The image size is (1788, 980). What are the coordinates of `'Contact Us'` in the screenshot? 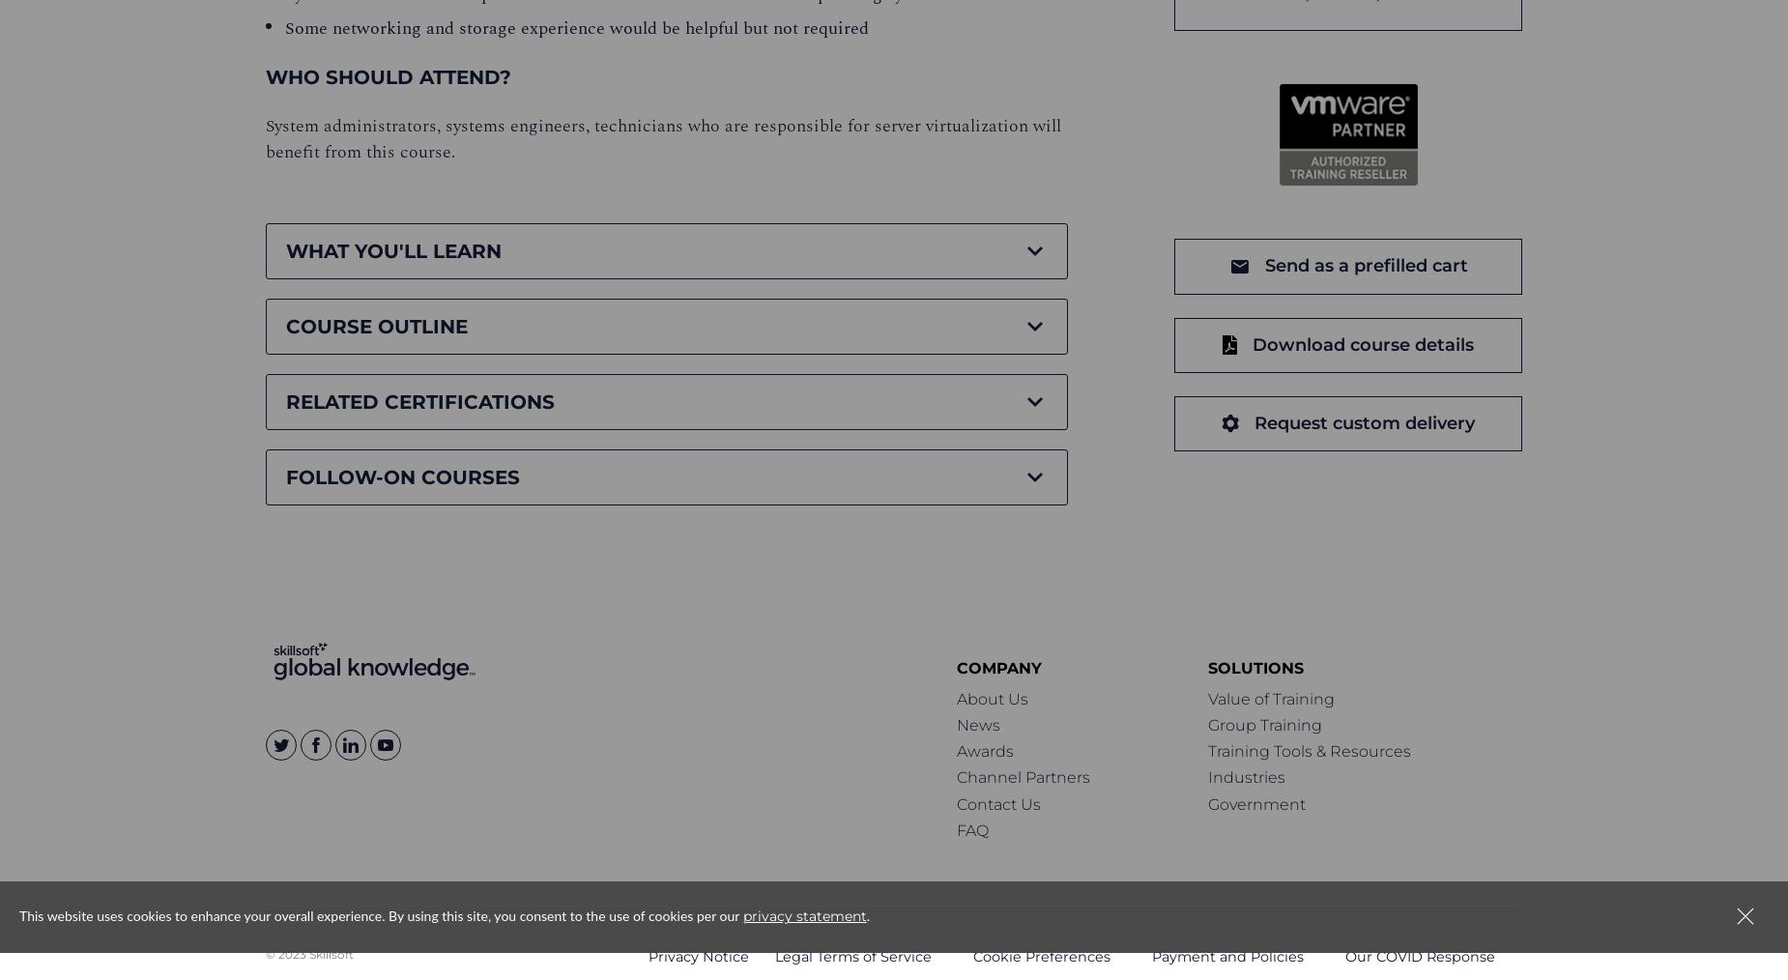 It's located at (997, 803).